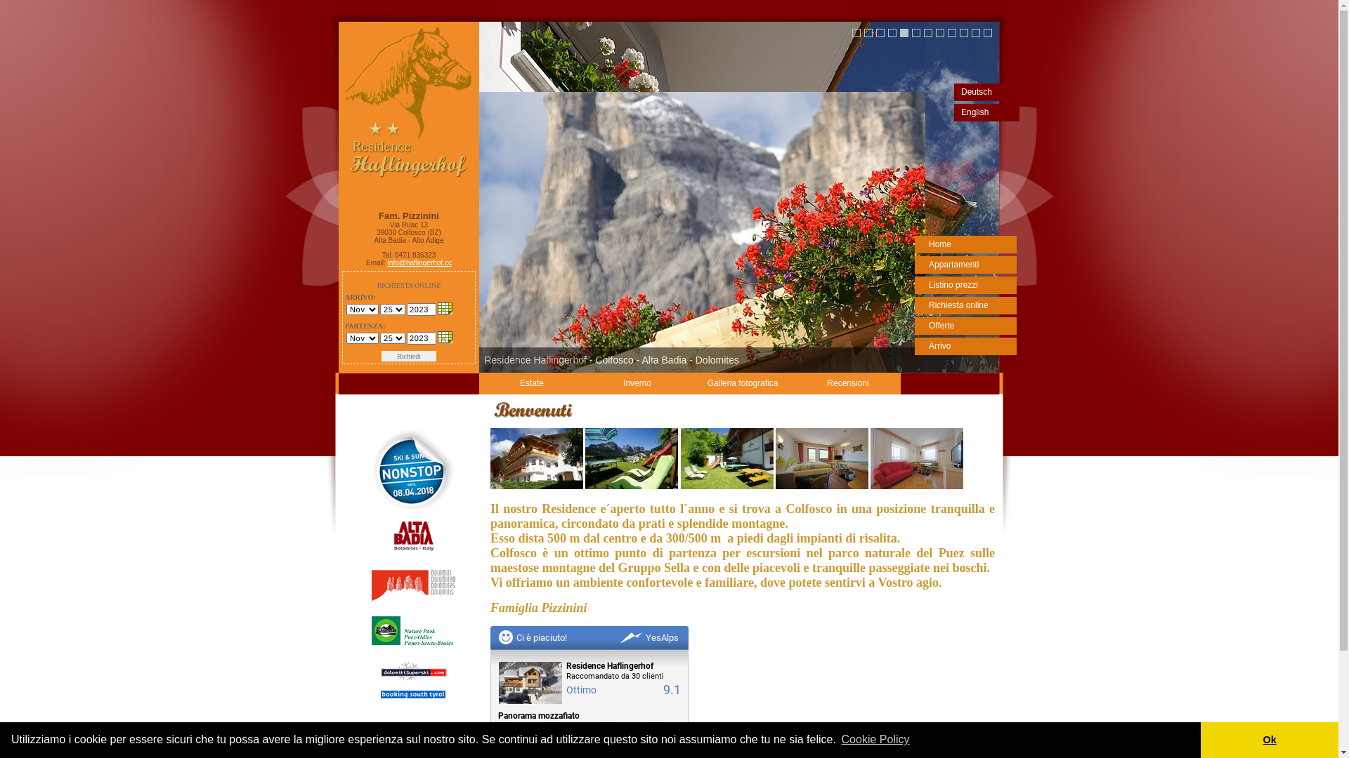  I want to click on '      Richiedi      ', so click(408, 355).